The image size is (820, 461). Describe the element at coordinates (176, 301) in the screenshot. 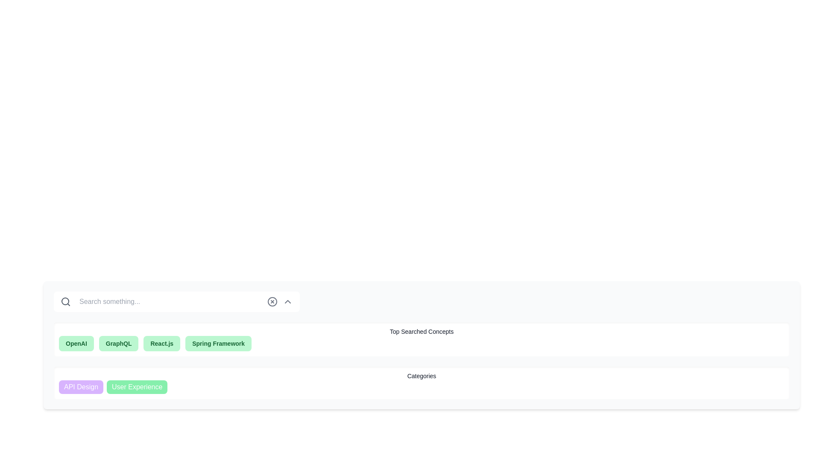

I see `the dropdown arrow on the Search bar, which is located in the upper-middle part of the interface` at that location.